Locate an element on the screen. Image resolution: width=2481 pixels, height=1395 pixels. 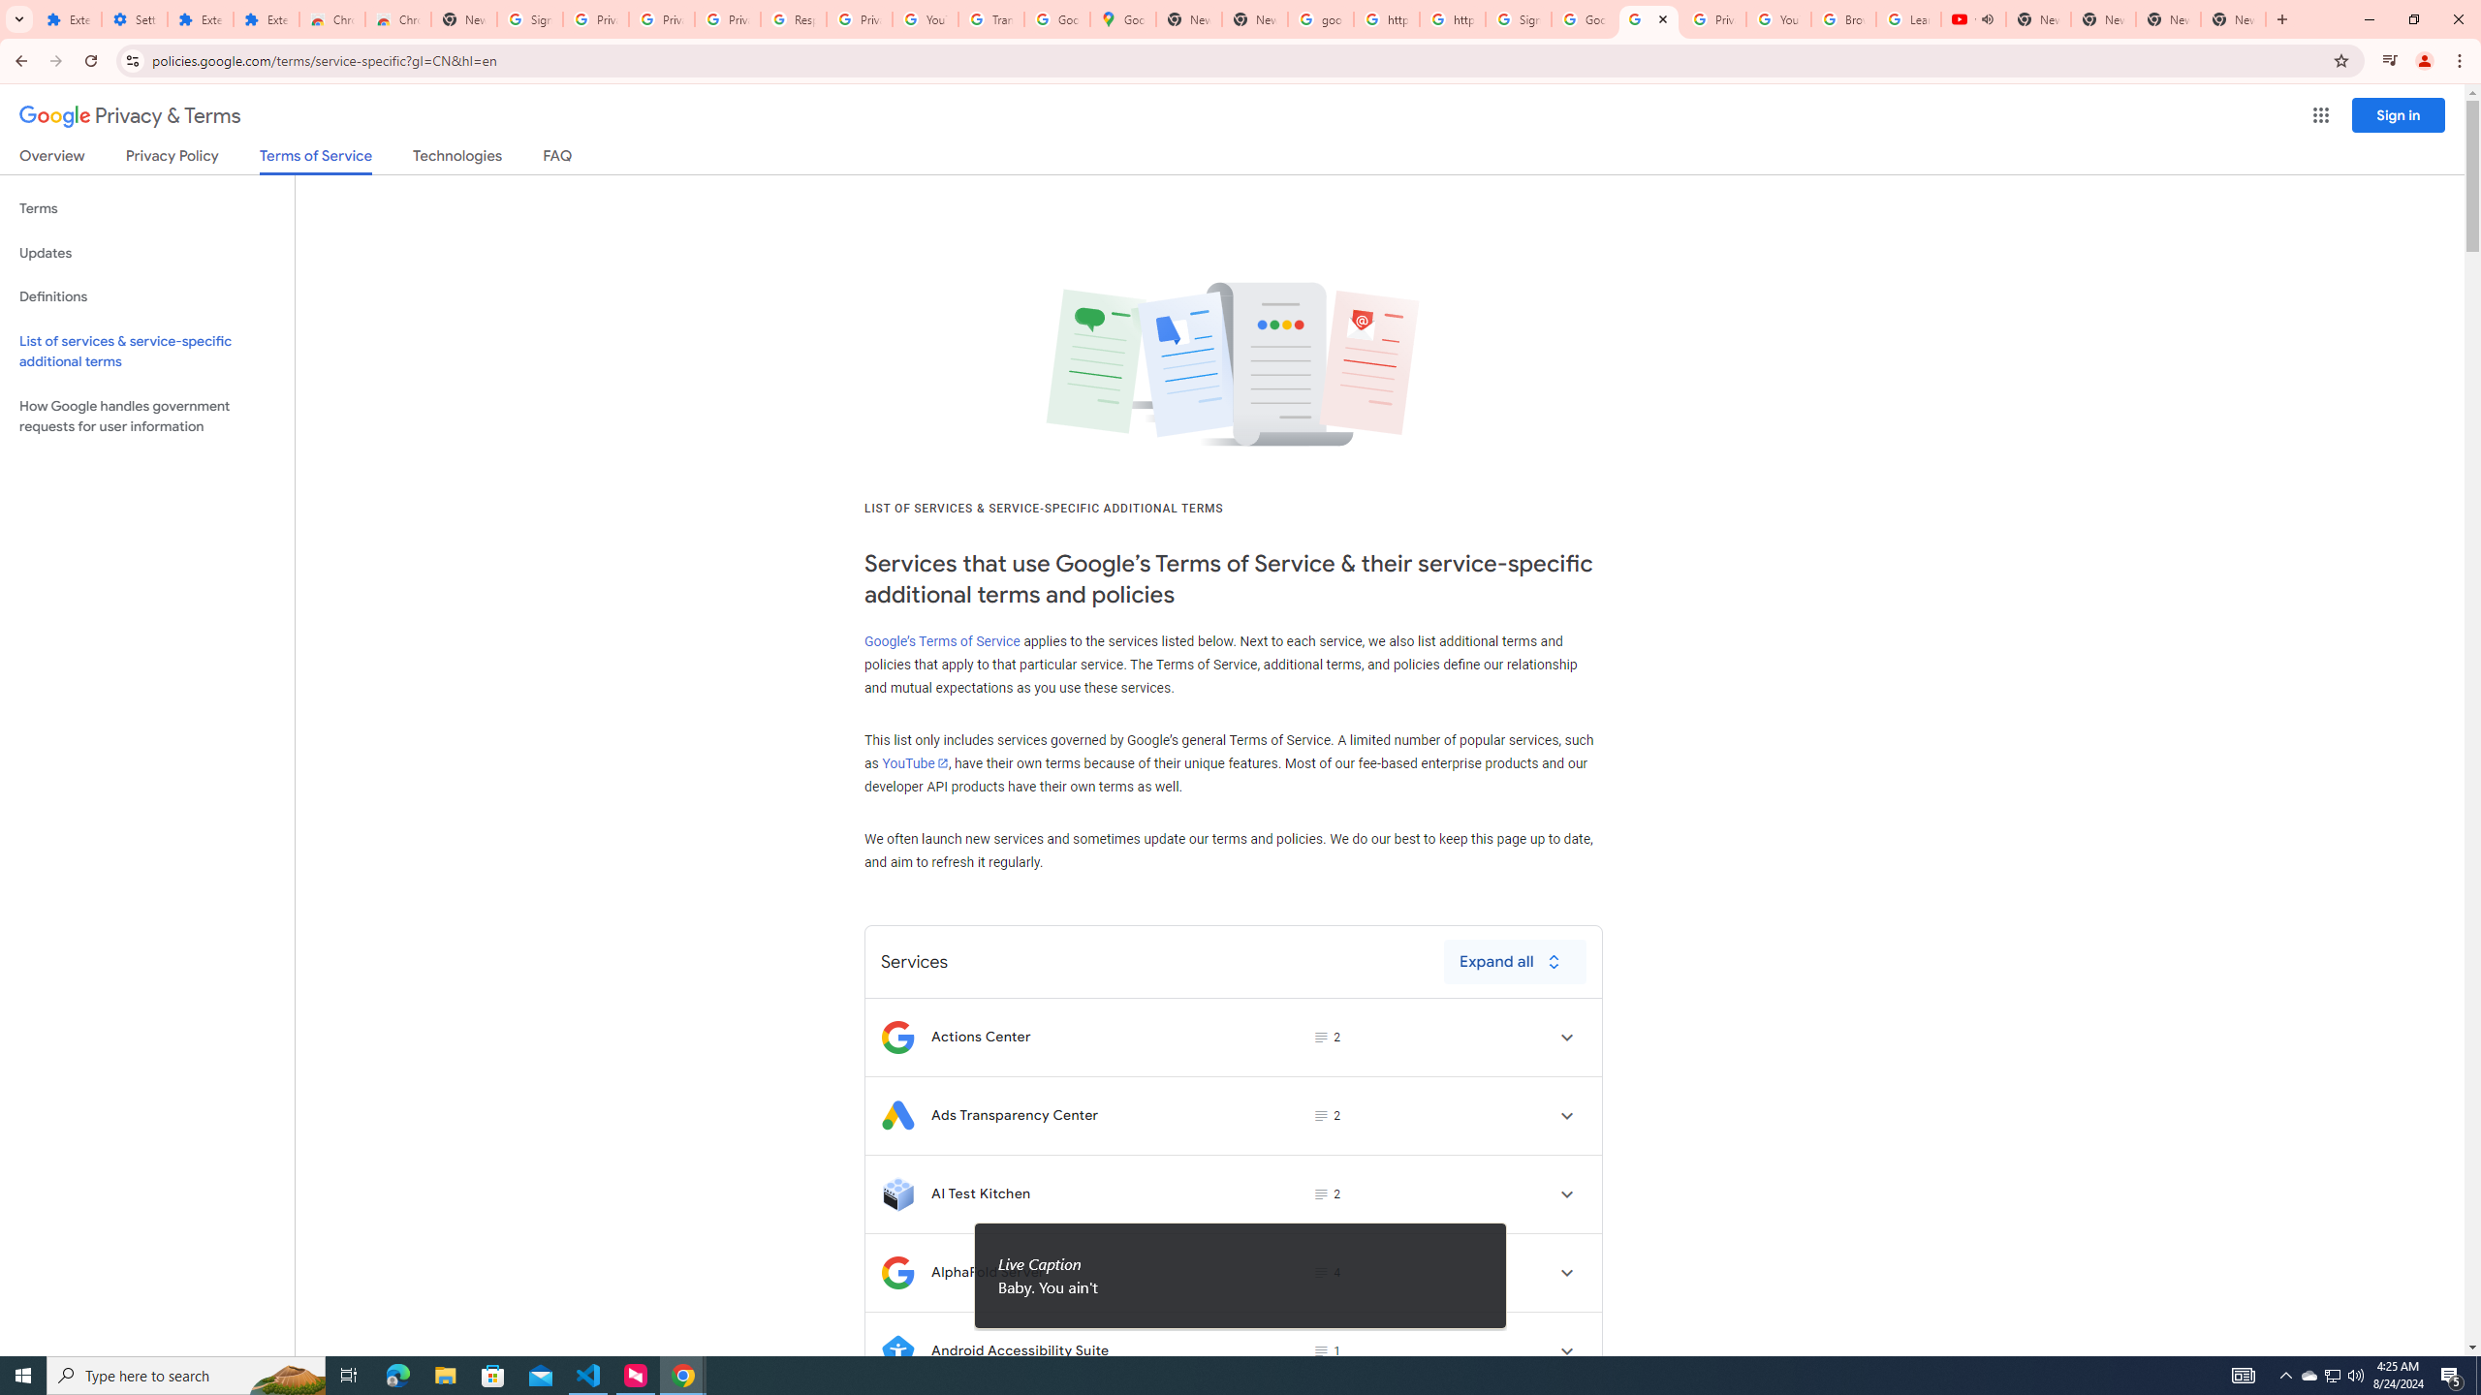
'Chrome Web Store - Themes' is located at coordinates (396, 18).